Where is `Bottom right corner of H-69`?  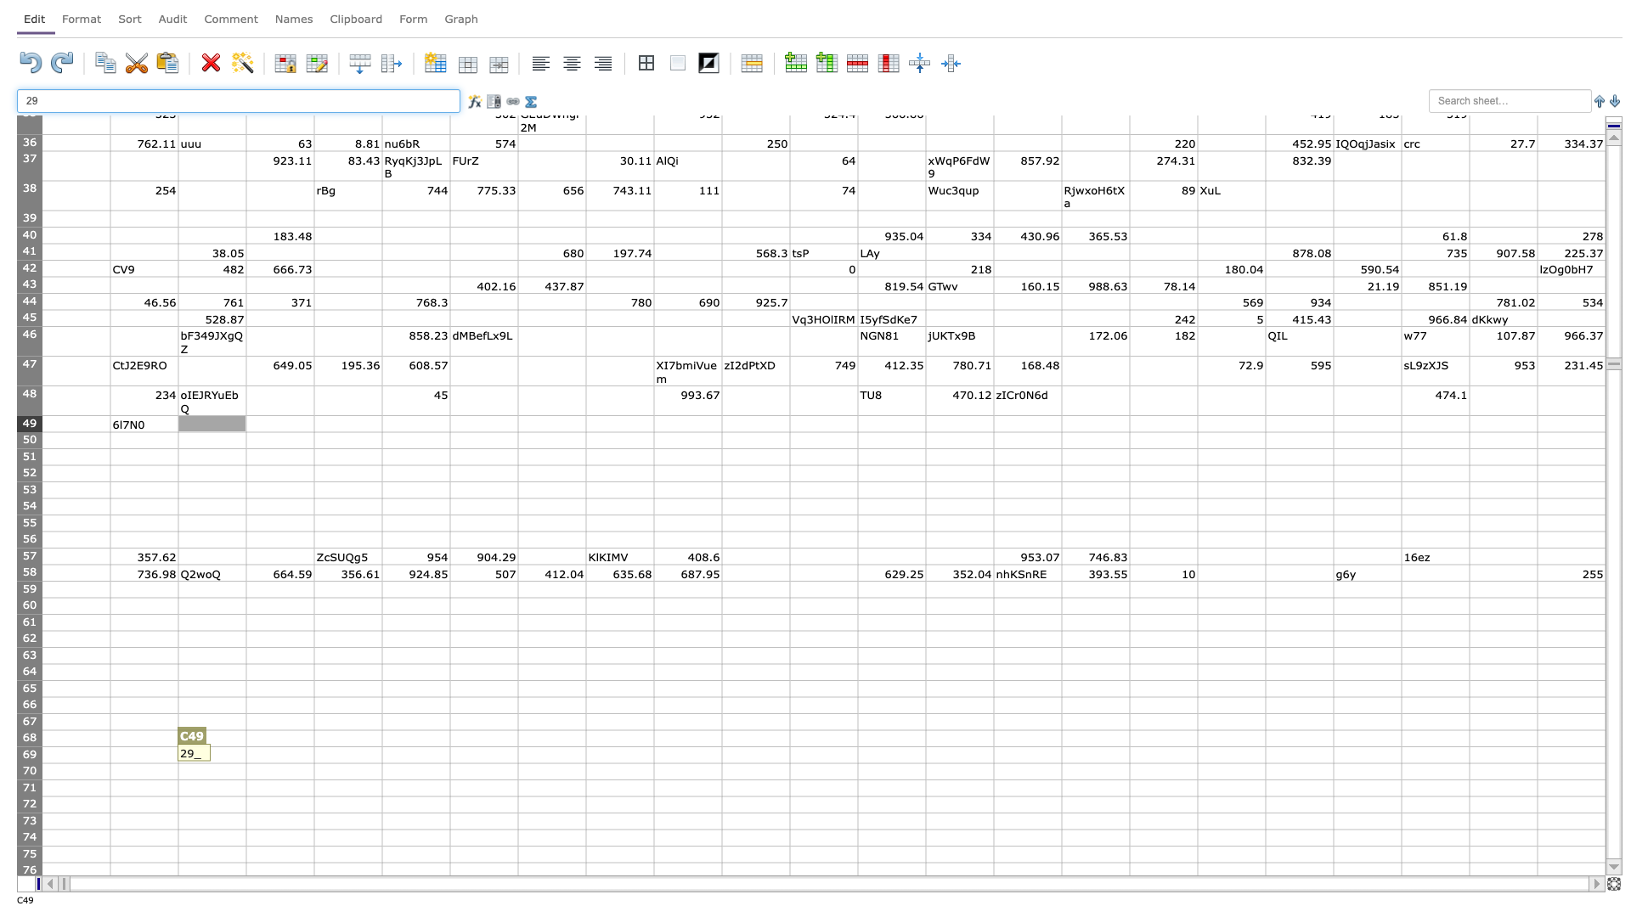 Bottom right corner of H-69 is located at coordinates (586, 762).